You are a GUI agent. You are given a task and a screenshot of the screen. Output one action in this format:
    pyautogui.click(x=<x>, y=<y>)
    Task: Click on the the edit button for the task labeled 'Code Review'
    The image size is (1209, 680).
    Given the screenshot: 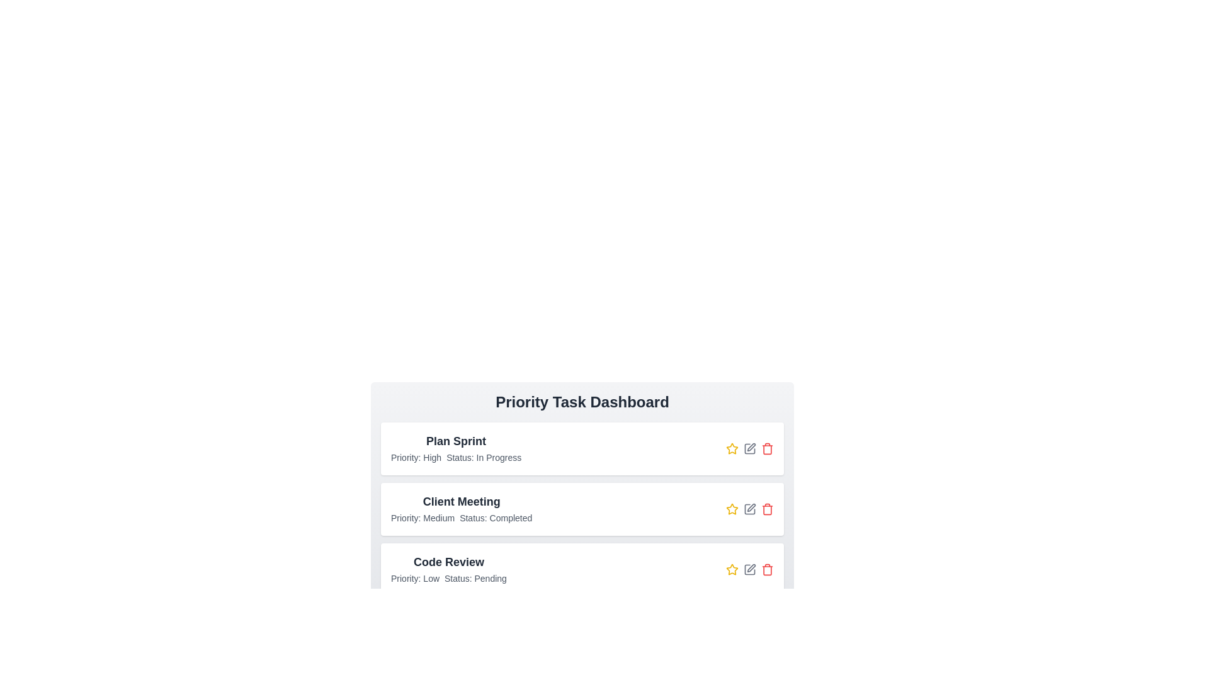 What is the action you would take?
    pyautogui.click(x=749, y=570)
    